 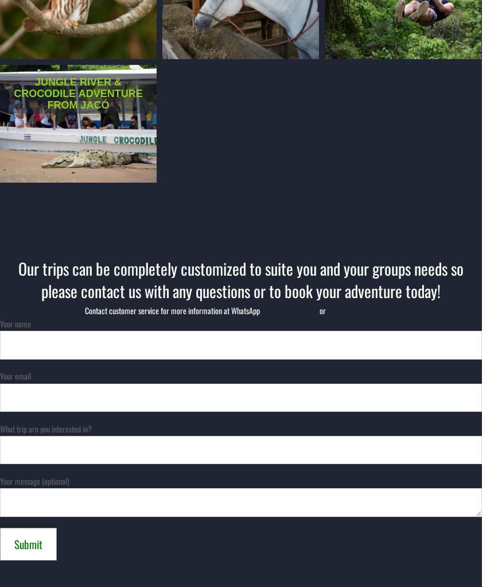 What do you see at coordinates (362, 310) in the screenshot?
I see `'info@tucanestours.com'` at bounding box center [362, 310].